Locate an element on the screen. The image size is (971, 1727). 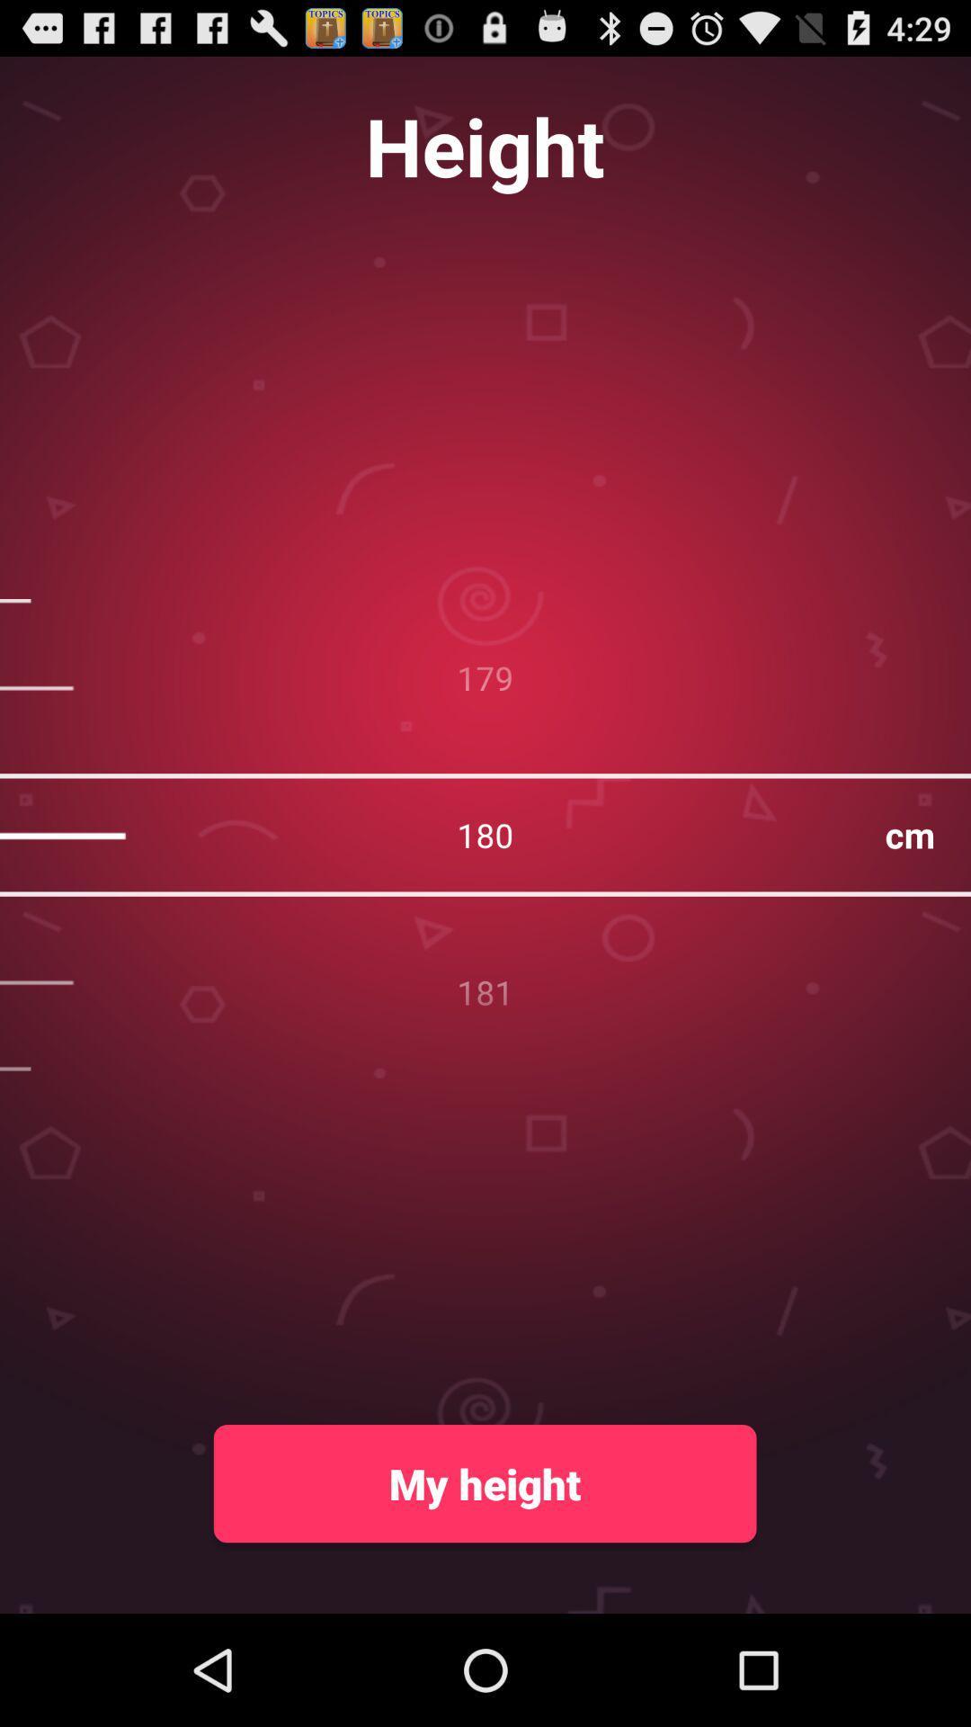
my height is located at coordinates (484, 1483).